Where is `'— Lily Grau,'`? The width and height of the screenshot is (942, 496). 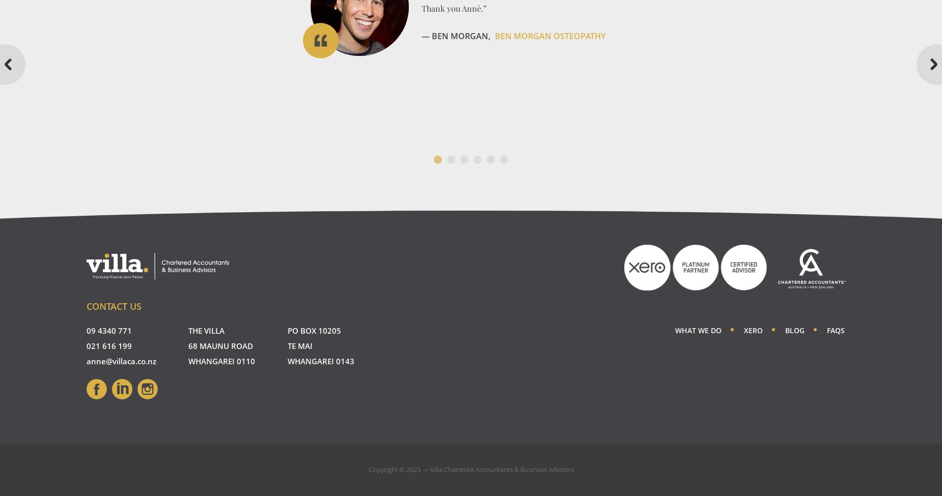 '— Lily Grau,' is located at coordinates (422, 94).